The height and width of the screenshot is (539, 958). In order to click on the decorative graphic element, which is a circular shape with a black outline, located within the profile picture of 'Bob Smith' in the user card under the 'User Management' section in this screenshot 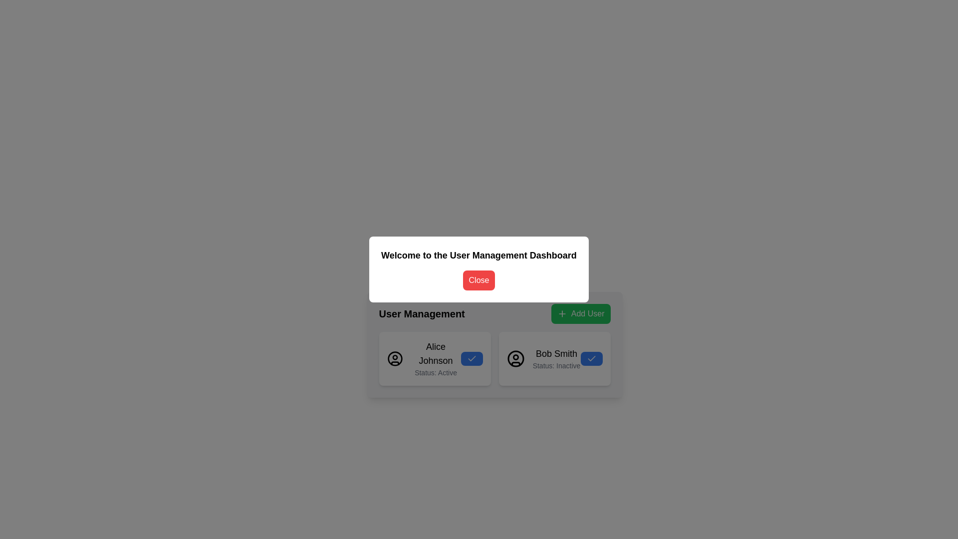, I will do `click(515, 358)`.